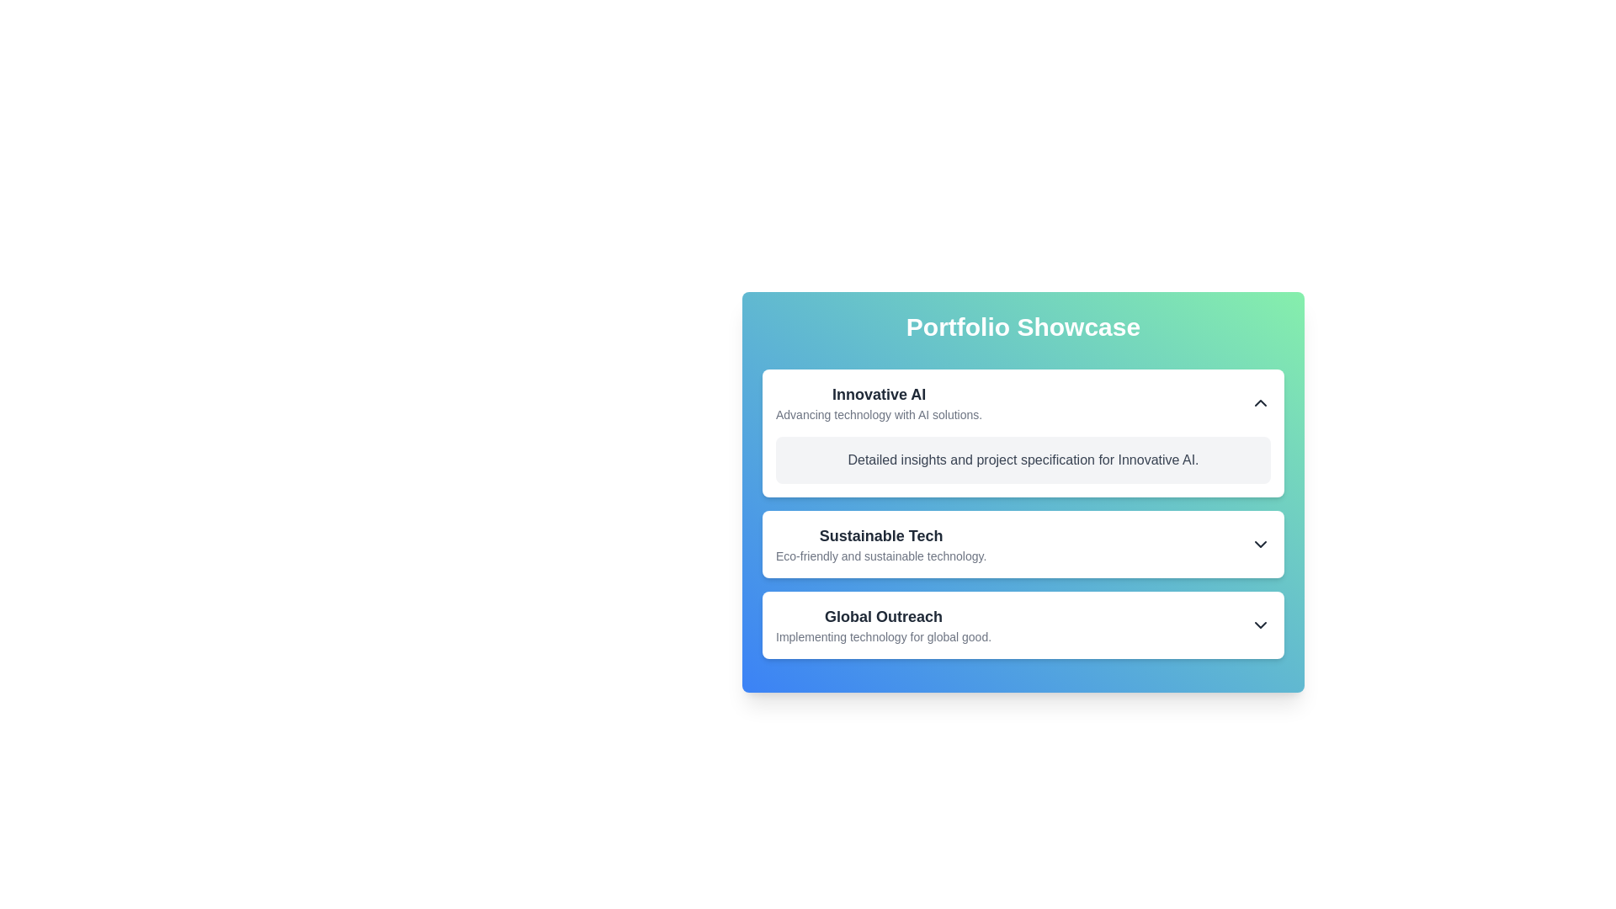 This screenshot has height=909, width=1616. Describe the element at coordinates (1260, 625) in the screenshot. I see `the Icon button at the far right end of the 'Global Outreach' section` at that location.